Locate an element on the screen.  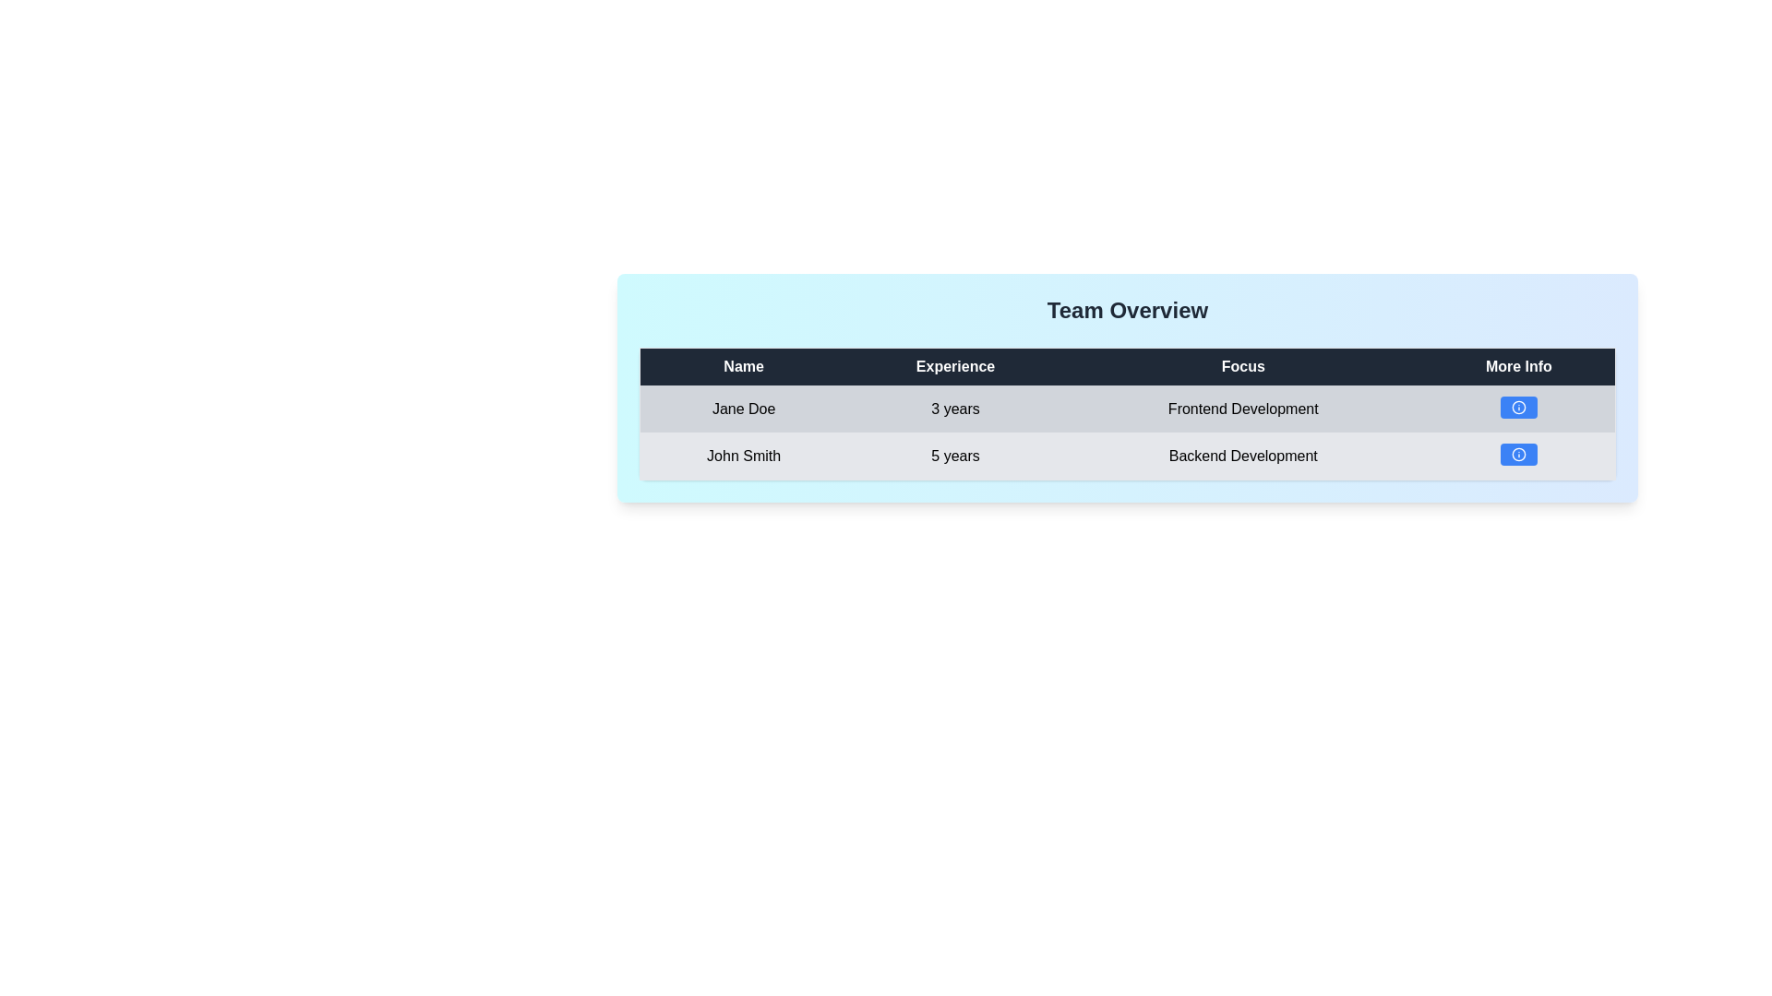
the 'Name' column header cell in the table to sort the table by this column is located at coordinates (743, 366).